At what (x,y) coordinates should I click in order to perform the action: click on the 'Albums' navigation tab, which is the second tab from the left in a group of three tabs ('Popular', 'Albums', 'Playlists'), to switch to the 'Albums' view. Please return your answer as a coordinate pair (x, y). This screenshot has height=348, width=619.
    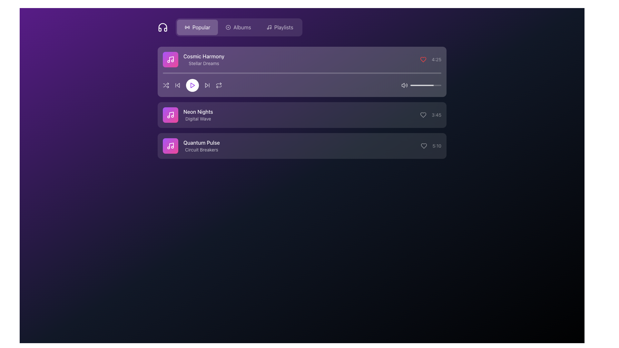
    Looking at the image, I should click on (239, 27).